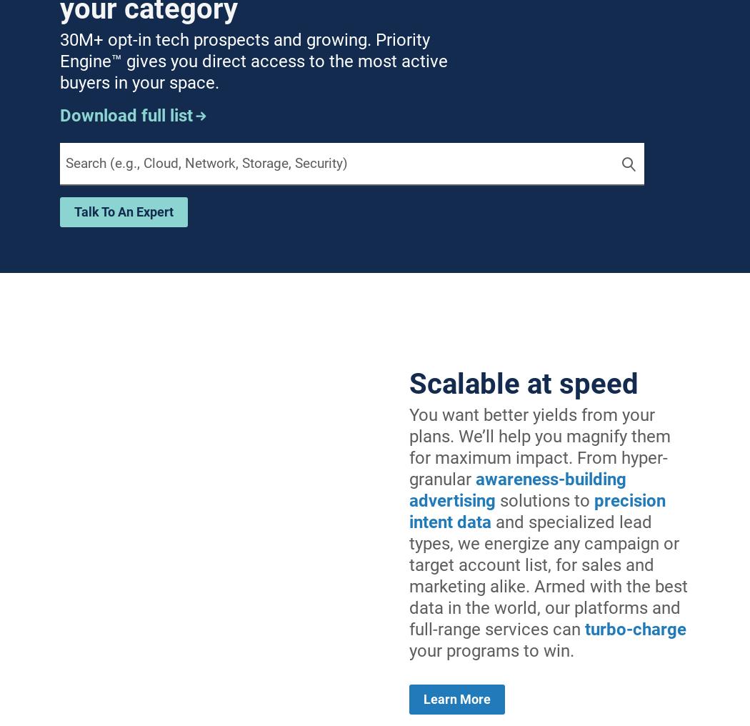  I want to click on 'precision intent data', so click(537, 510).